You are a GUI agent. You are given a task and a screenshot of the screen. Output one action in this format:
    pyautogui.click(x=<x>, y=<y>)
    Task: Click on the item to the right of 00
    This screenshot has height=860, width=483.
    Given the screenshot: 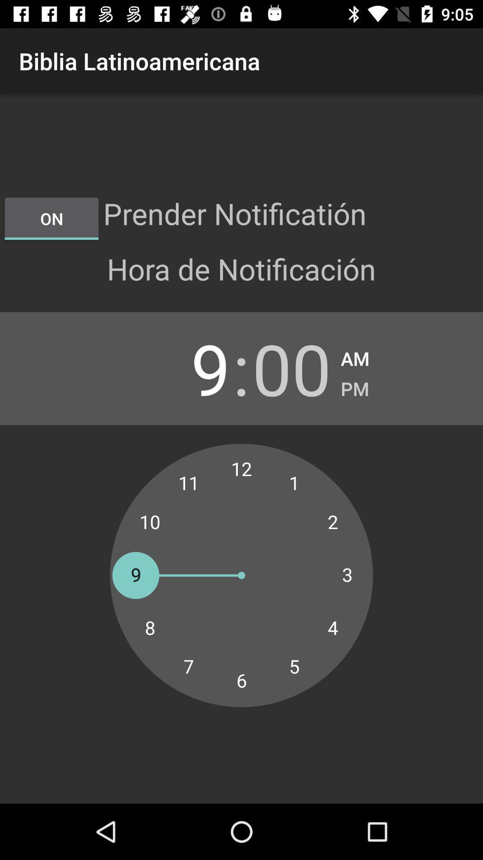 What is the action you would take?
    pyautogui.click(x=354, y=386)
    